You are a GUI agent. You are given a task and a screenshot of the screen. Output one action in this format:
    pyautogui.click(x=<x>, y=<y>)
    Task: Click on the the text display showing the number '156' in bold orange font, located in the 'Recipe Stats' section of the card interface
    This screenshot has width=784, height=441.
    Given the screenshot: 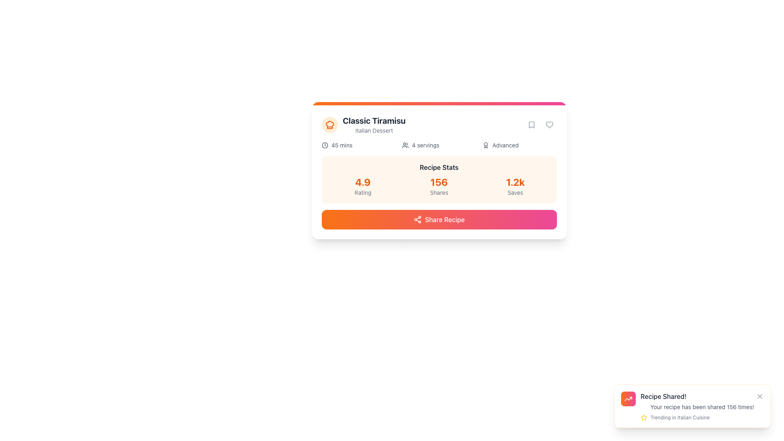 What is the action you would take?
    pyautogui.click(x=439, y=182)
    